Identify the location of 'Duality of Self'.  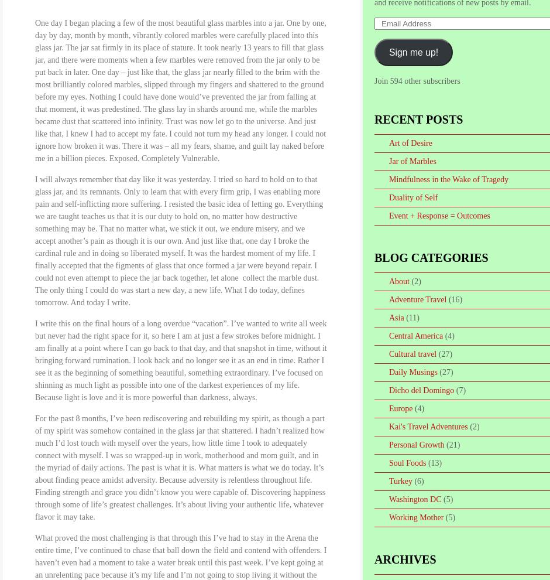
(413, 197).